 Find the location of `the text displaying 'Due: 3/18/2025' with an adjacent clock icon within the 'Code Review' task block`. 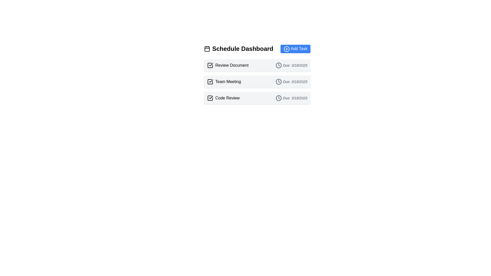

the text displaying 'Due: 3/18/2025' with an adjacent clock icon within the 'Code Review' task block is located at coordinates (292, 98).